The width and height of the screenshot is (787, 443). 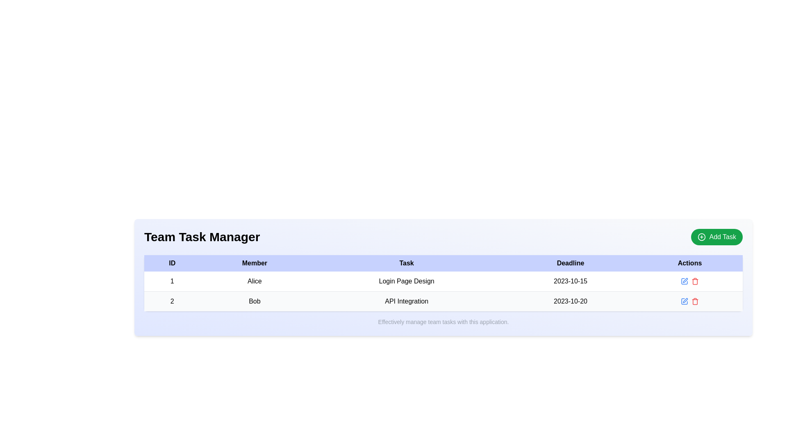 What do you see at coordinates (684, 281) in the screenshot?
I see `the edit button in the 'Actions' column of the first row under the 'Team Task Manager' section` at bounding box center [684, 281].